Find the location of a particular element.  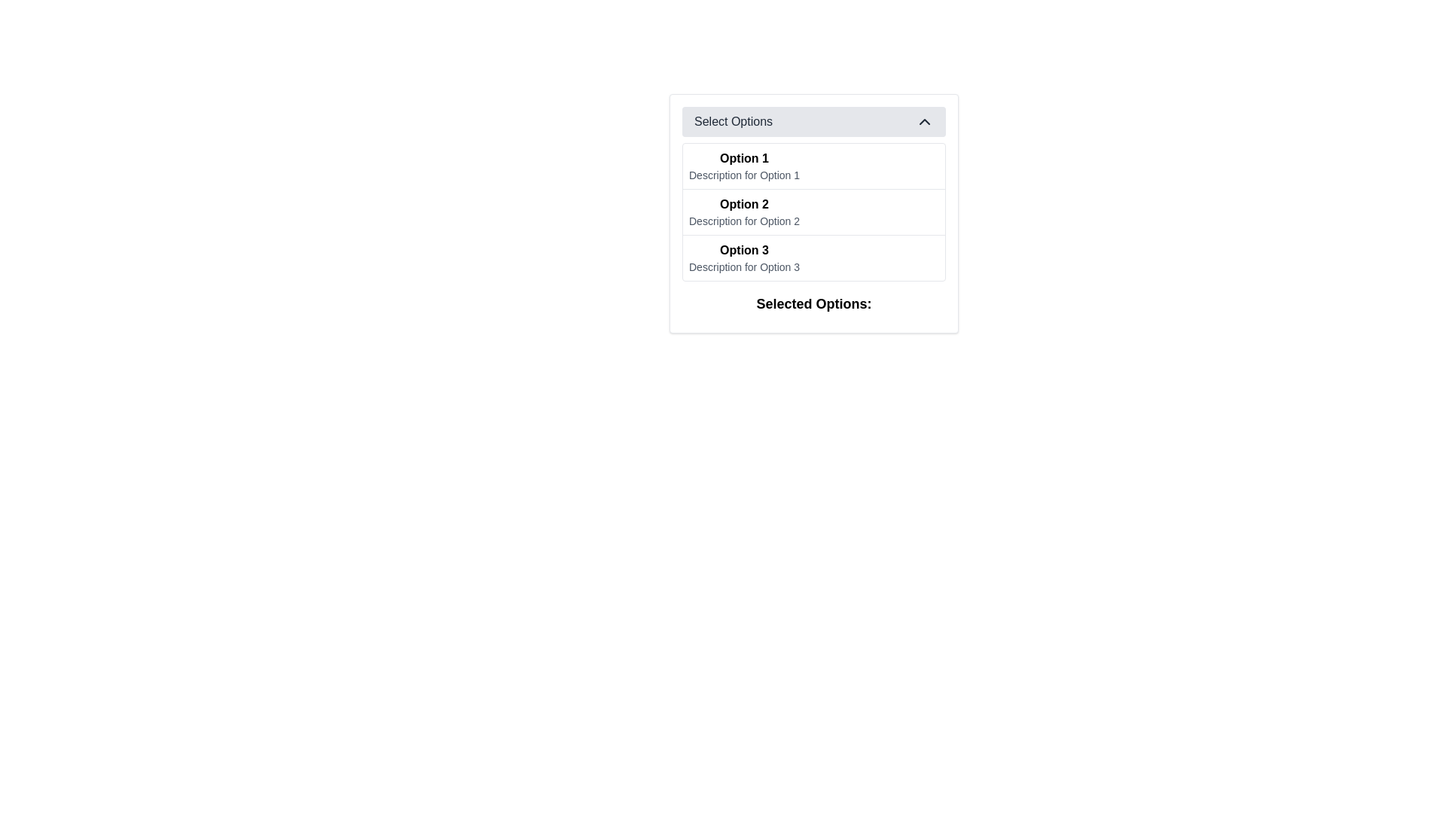

on the 'Select Options' dropdown menu is located at coordinates (813, 214).